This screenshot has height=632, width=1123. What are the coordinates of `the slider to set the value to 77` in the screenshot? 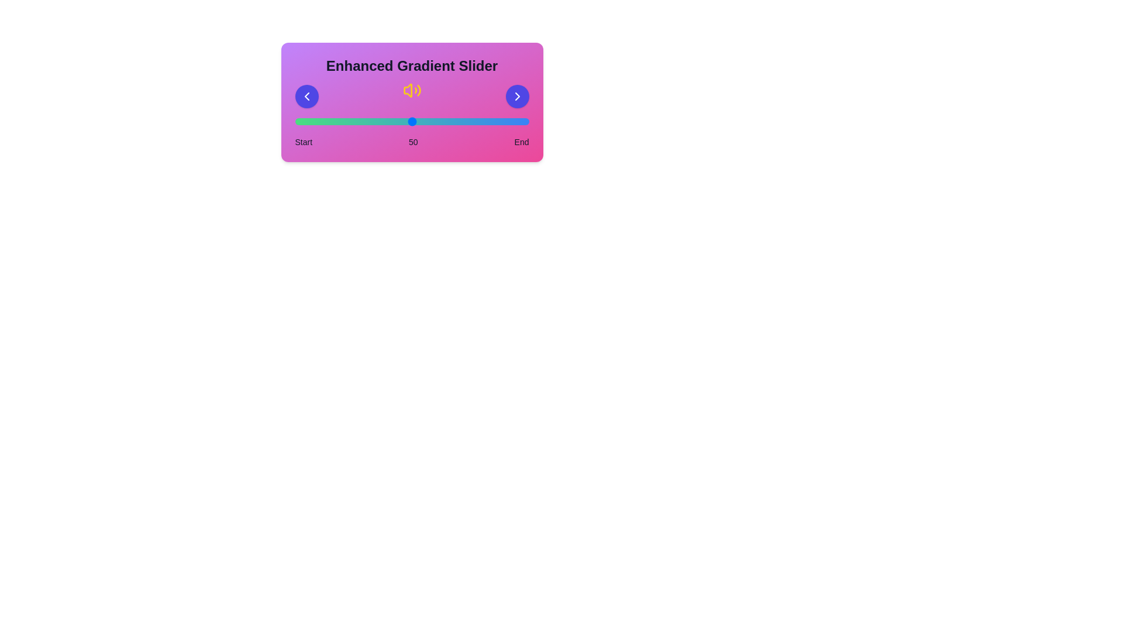 It's located at (475, 122).